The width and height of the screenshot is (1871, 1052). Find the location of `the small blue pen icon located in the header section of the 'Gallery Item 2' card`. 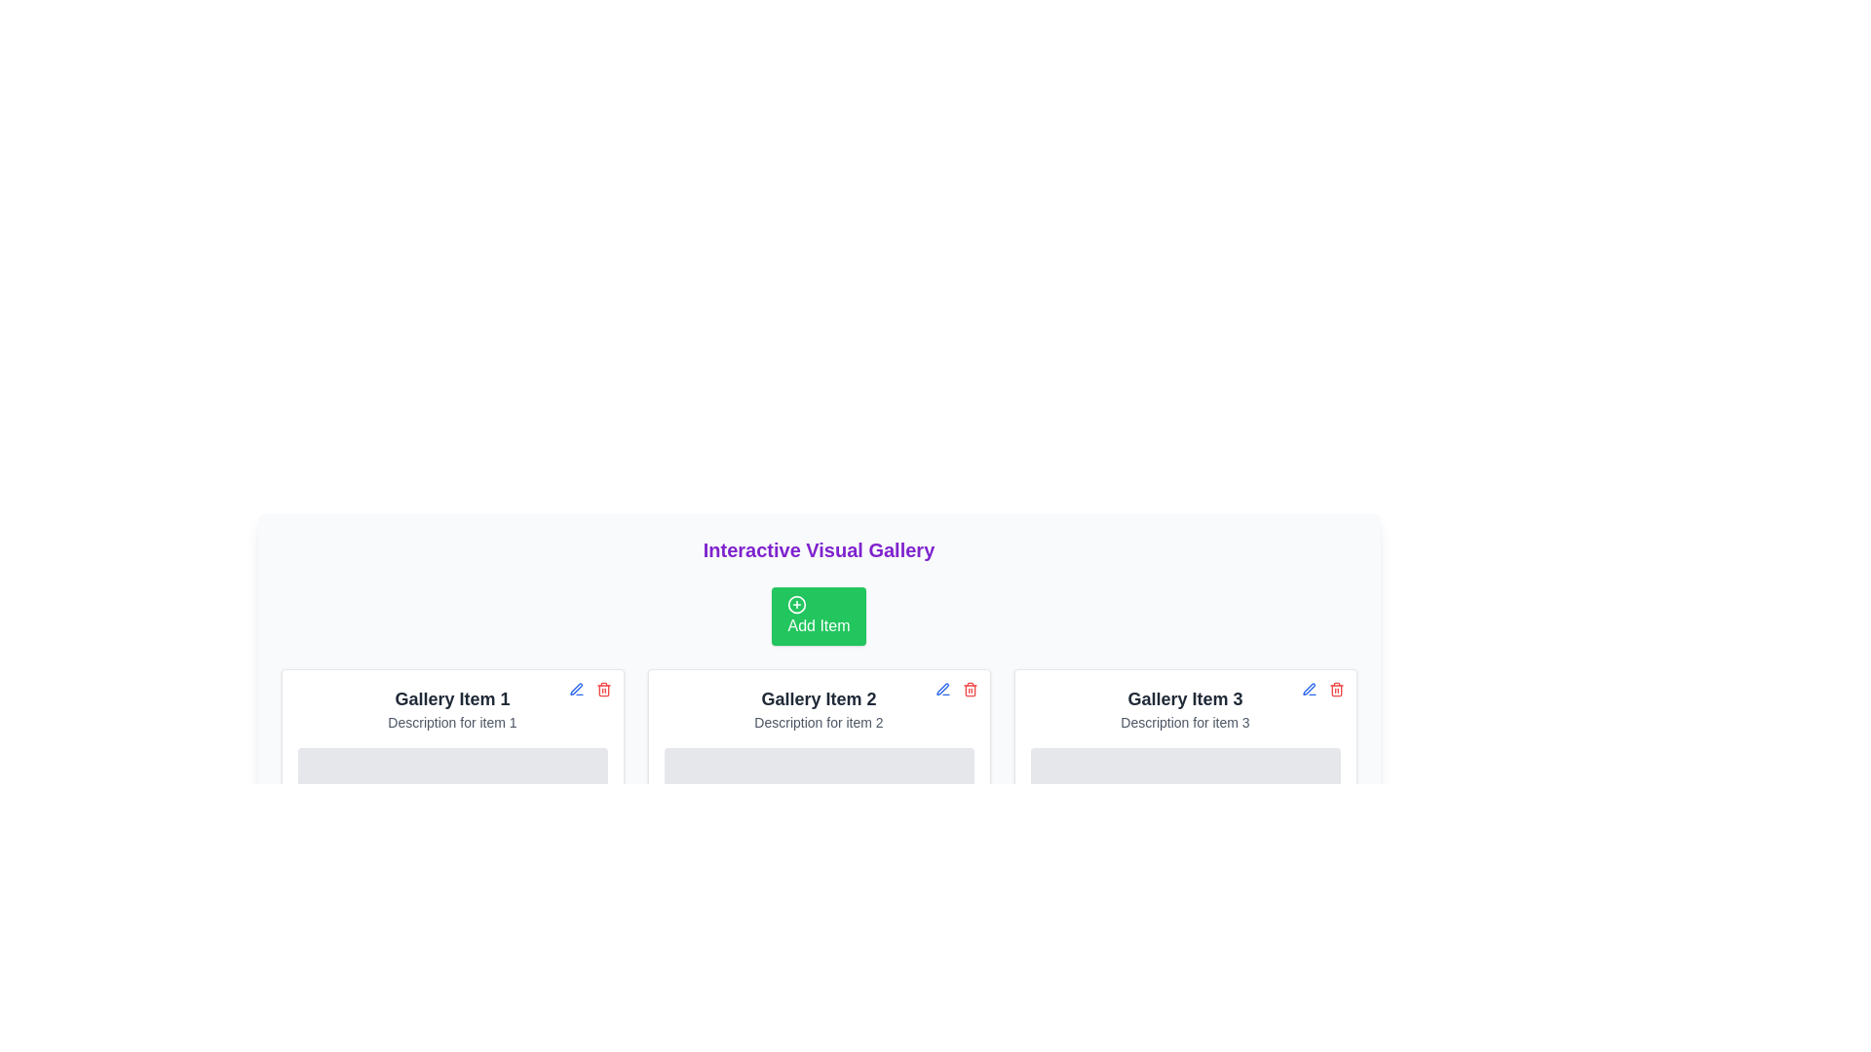

the small blue pen icon located in the header section of the 'Gallery Item 2' card is located at coordinates (575, 689).